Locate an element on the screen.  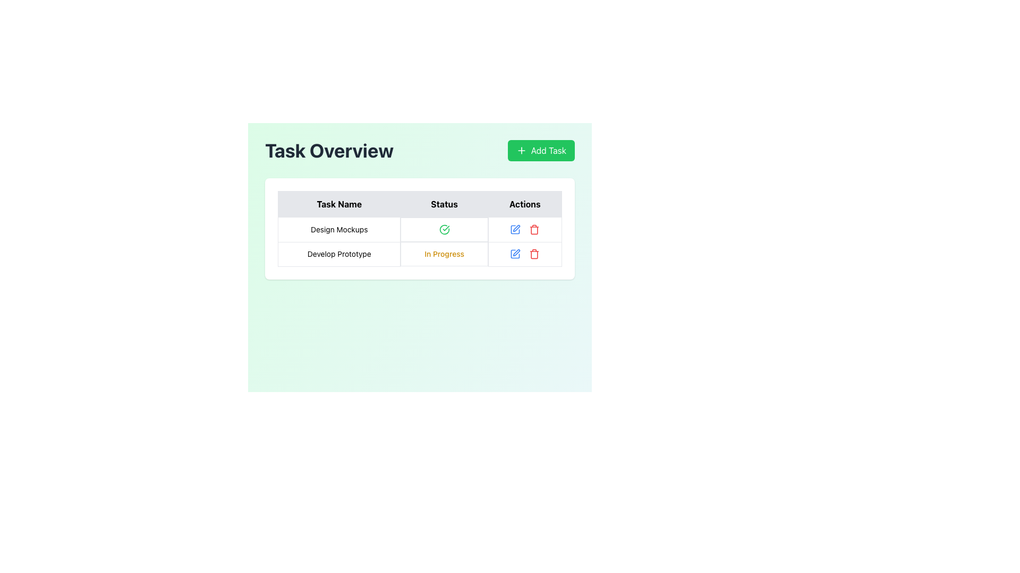
the text header displaying 'Task Overview' which is located in the top-left section of the interface, positioned to the left of the 'Add Task' button is located at coordinates (328, 151).